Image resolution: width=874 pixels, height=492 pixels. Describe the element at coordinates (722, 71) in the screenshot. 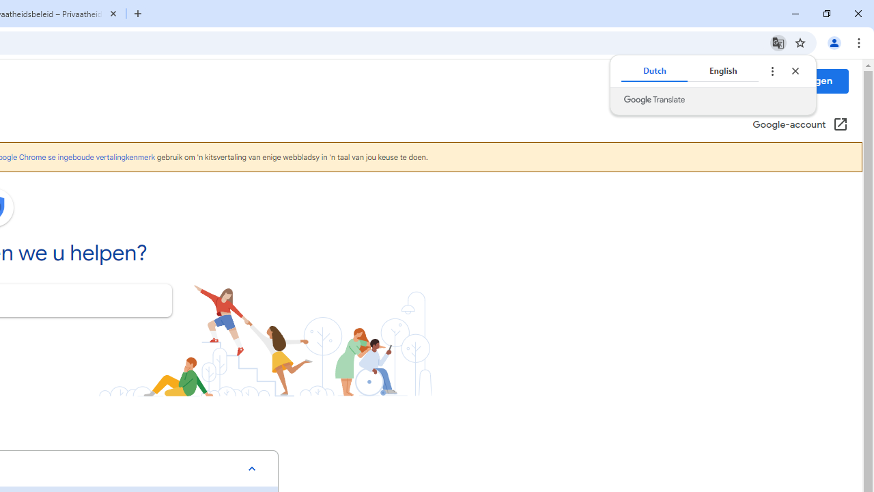

I see `'English'` at that location.